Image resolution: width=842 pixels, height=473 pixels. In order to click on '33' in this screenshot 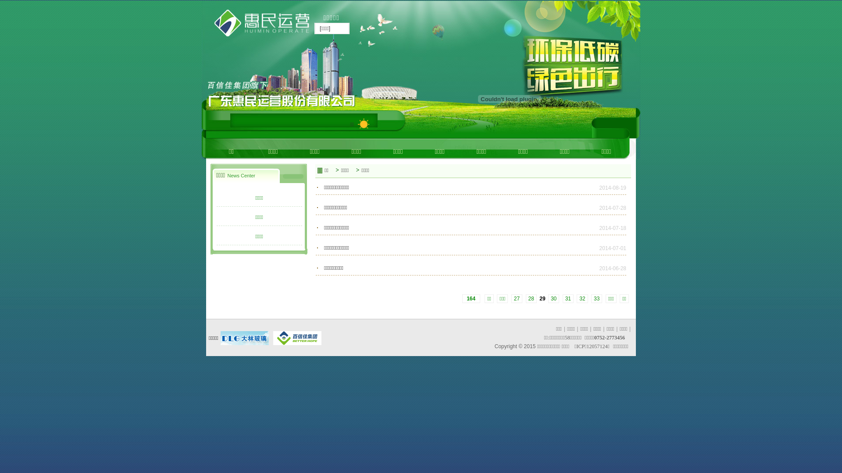, I will do `click(596, 298)`.